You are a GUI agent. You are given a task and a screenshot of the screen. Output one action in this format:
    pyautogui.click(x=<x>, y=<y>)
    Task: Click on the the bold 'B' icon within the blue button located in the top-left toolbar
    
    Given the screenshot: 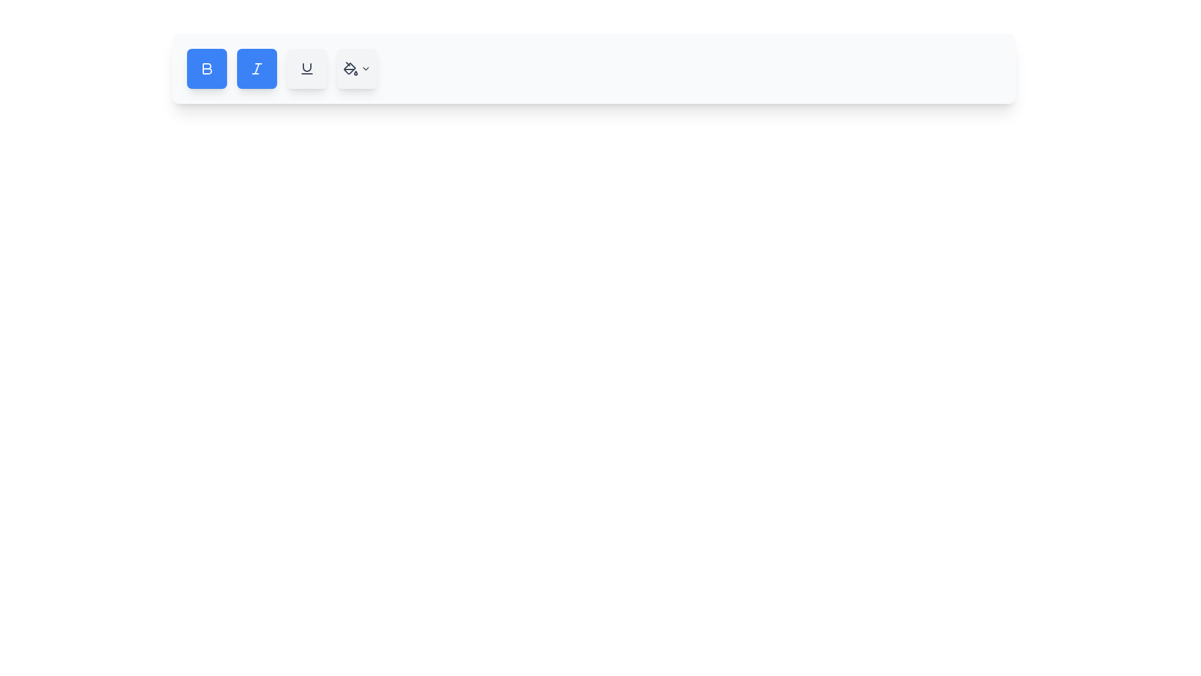 What is the action you would take?
    pyautogui.click(x=207, y=69)
    